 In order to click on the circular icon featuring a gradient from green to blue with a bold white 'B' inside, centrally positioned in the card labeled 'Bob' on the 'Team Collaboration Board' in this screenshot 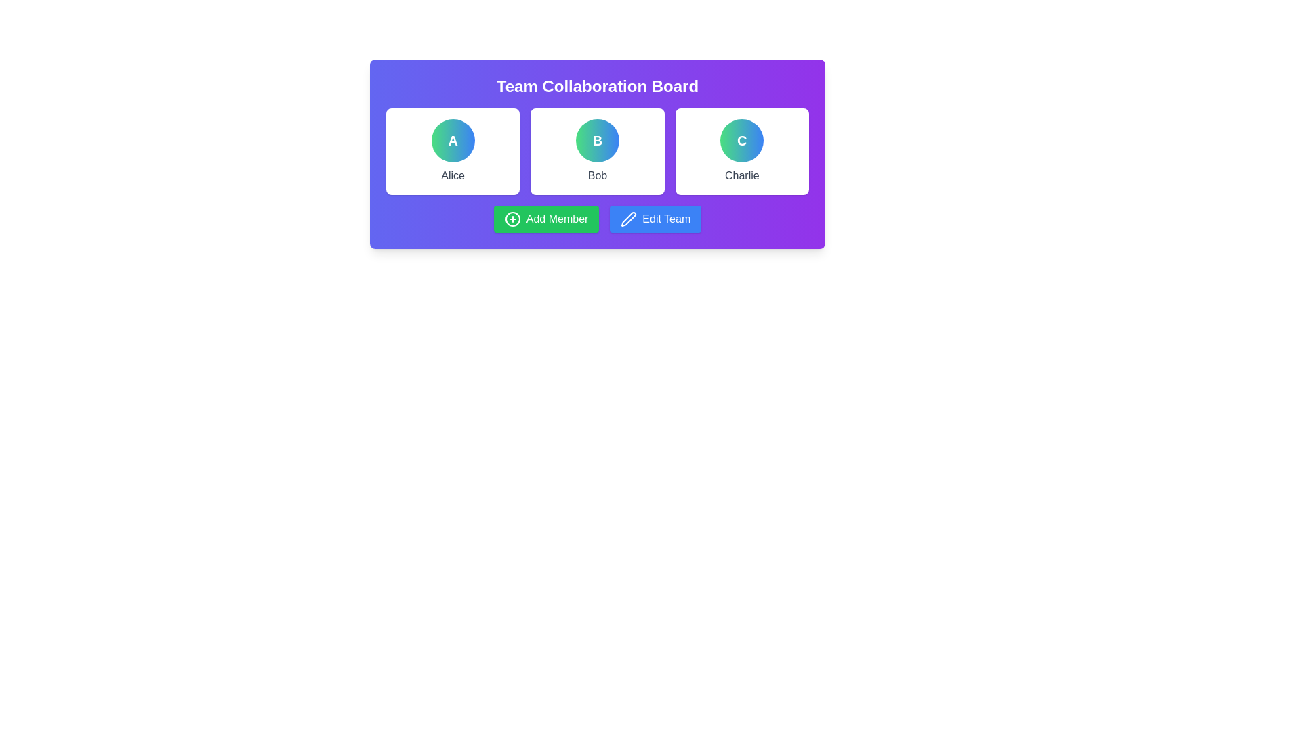, I will do `click(597, 141)`.